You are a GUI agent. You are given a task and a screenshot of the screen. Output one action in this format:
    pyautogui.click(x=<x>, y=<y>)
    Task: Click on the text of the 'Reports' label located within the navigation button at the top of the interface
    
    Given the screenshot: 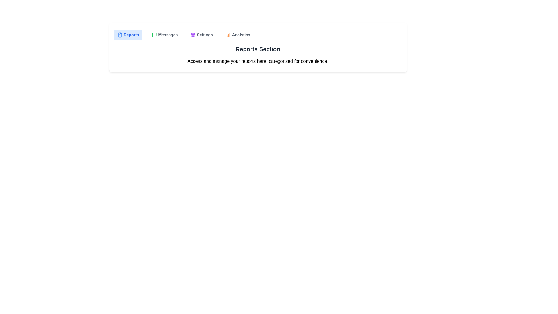 What is the action you would take?
    pyautogui.click(x=131, y=35)
    